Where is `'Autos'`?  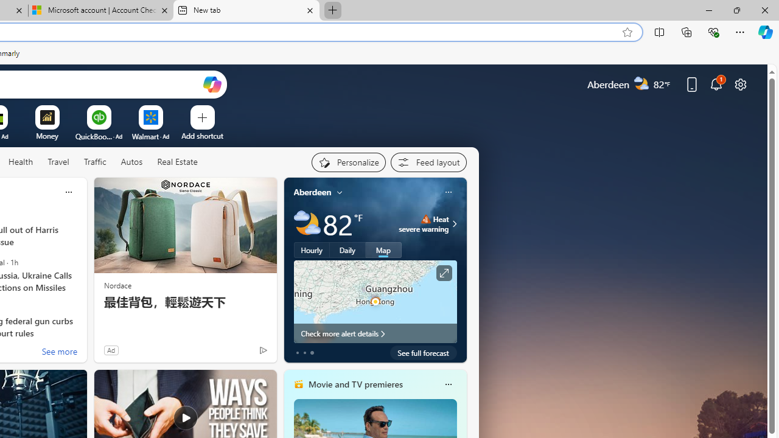 'Autos' is located at coordinates (131, 161).